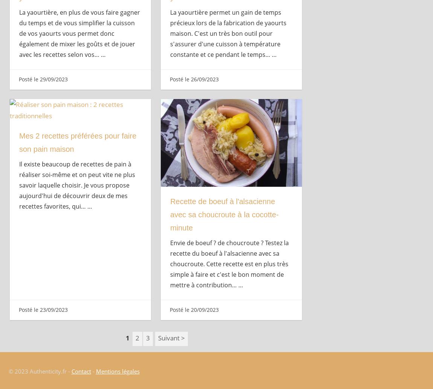 The width and height of the screenshot is (433, 389). I want to click on 'Posté le 20/09/2023', so click(194, 310).